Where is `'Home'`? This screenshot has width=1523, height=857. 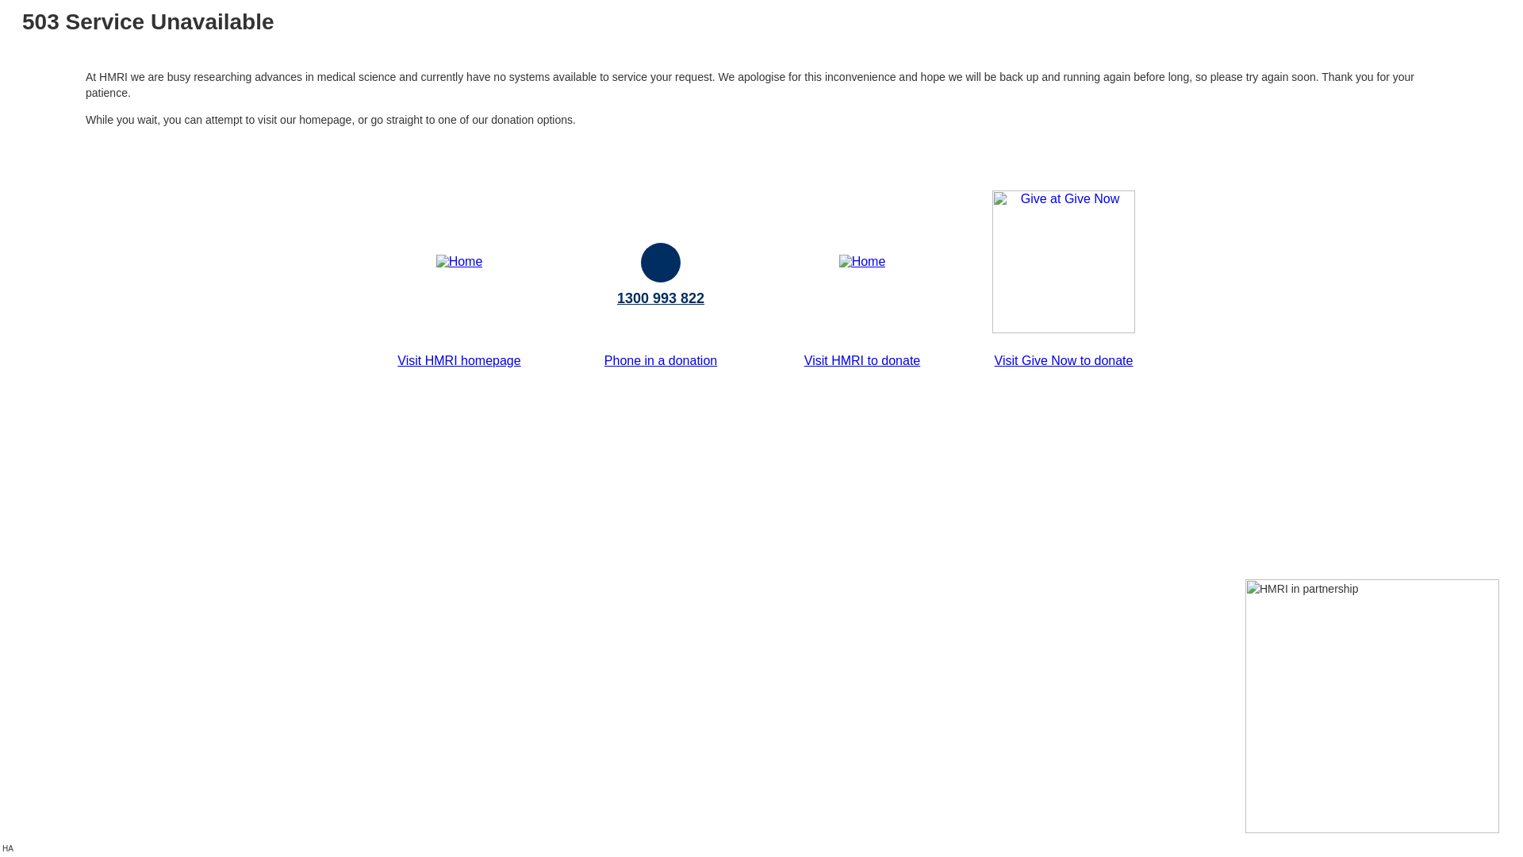
'Home' is located at coordinates (436, 260).